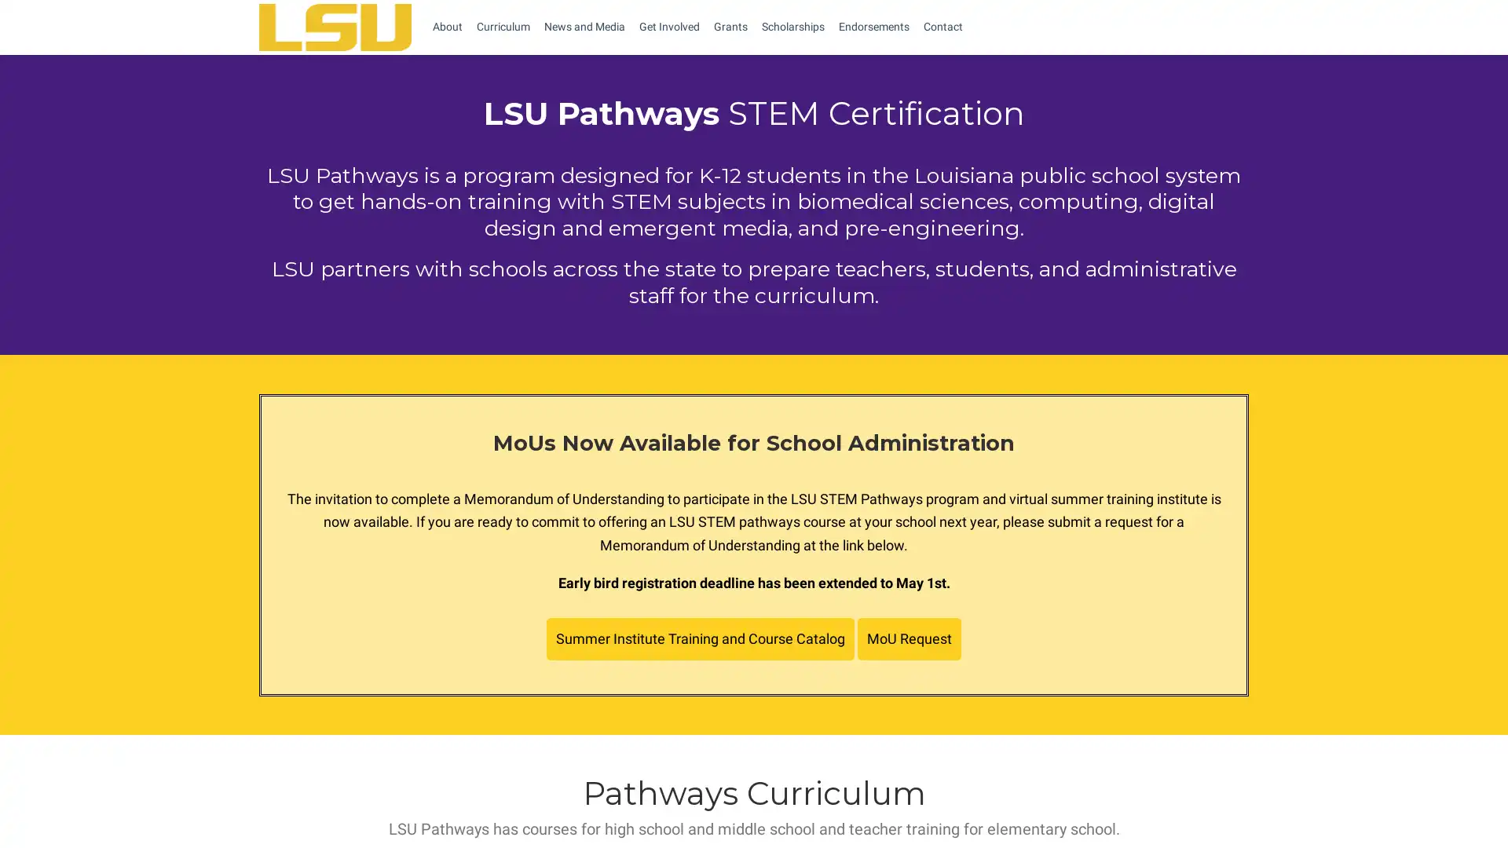 Image resolution: width=1508 pixels, height=848 pixels. Describe the element at coordinates (909, 638) in the screenshot. I see `MoU Request` at that location.